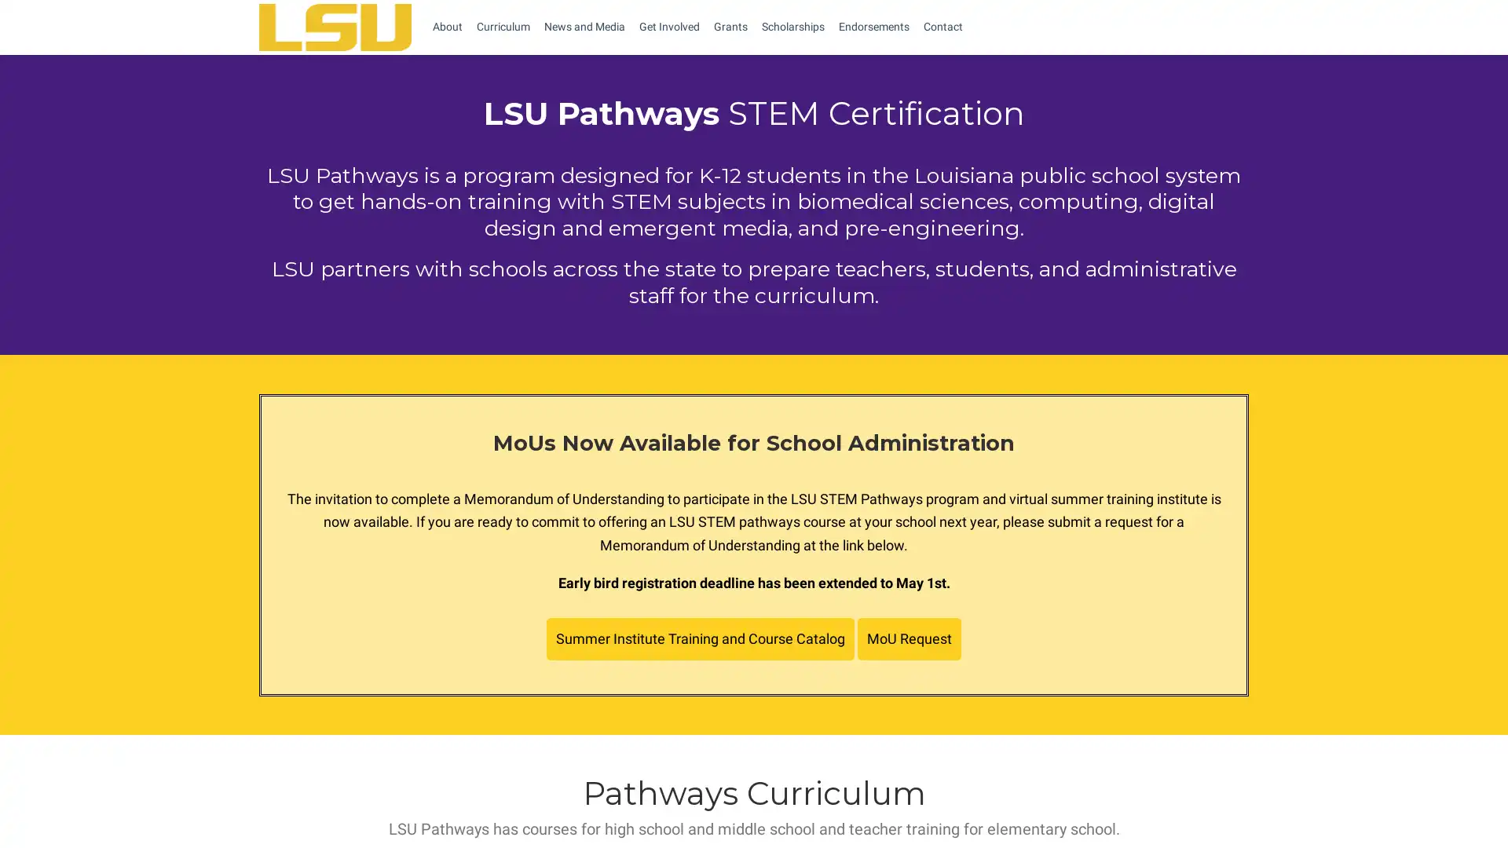 Image resolution: width=1508 pixels, height=848 pixels. Describe the element at coordinates (909, 638) in the screenshot. I see `MoU Request` at that location.